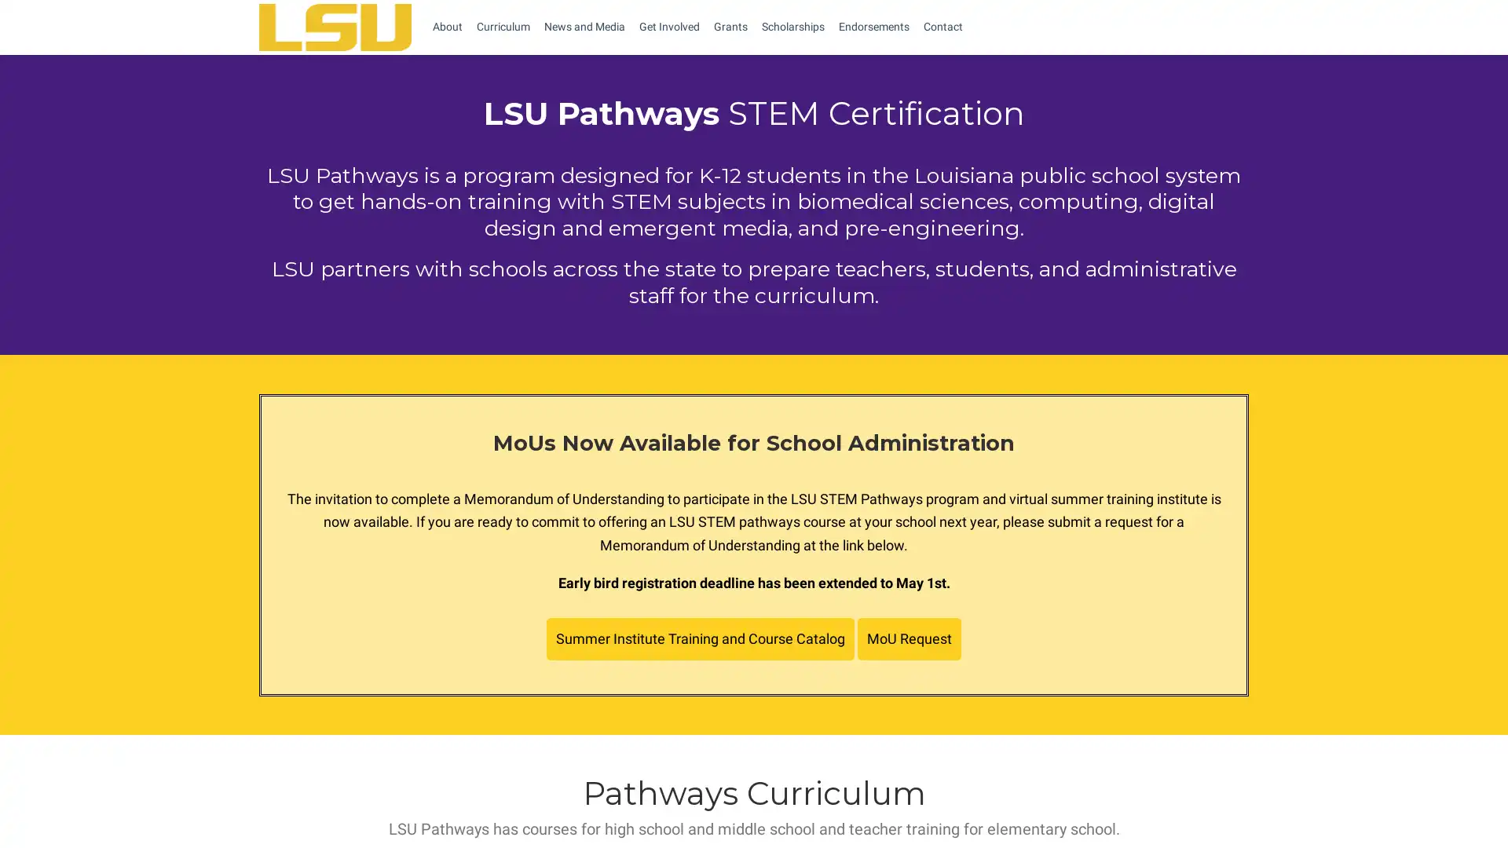 Image resolution: width=1508 pixels, height=848 pixels. Describe the element at coordinates (909, 638) in the screenshot. I see `MoU Request` at that location.